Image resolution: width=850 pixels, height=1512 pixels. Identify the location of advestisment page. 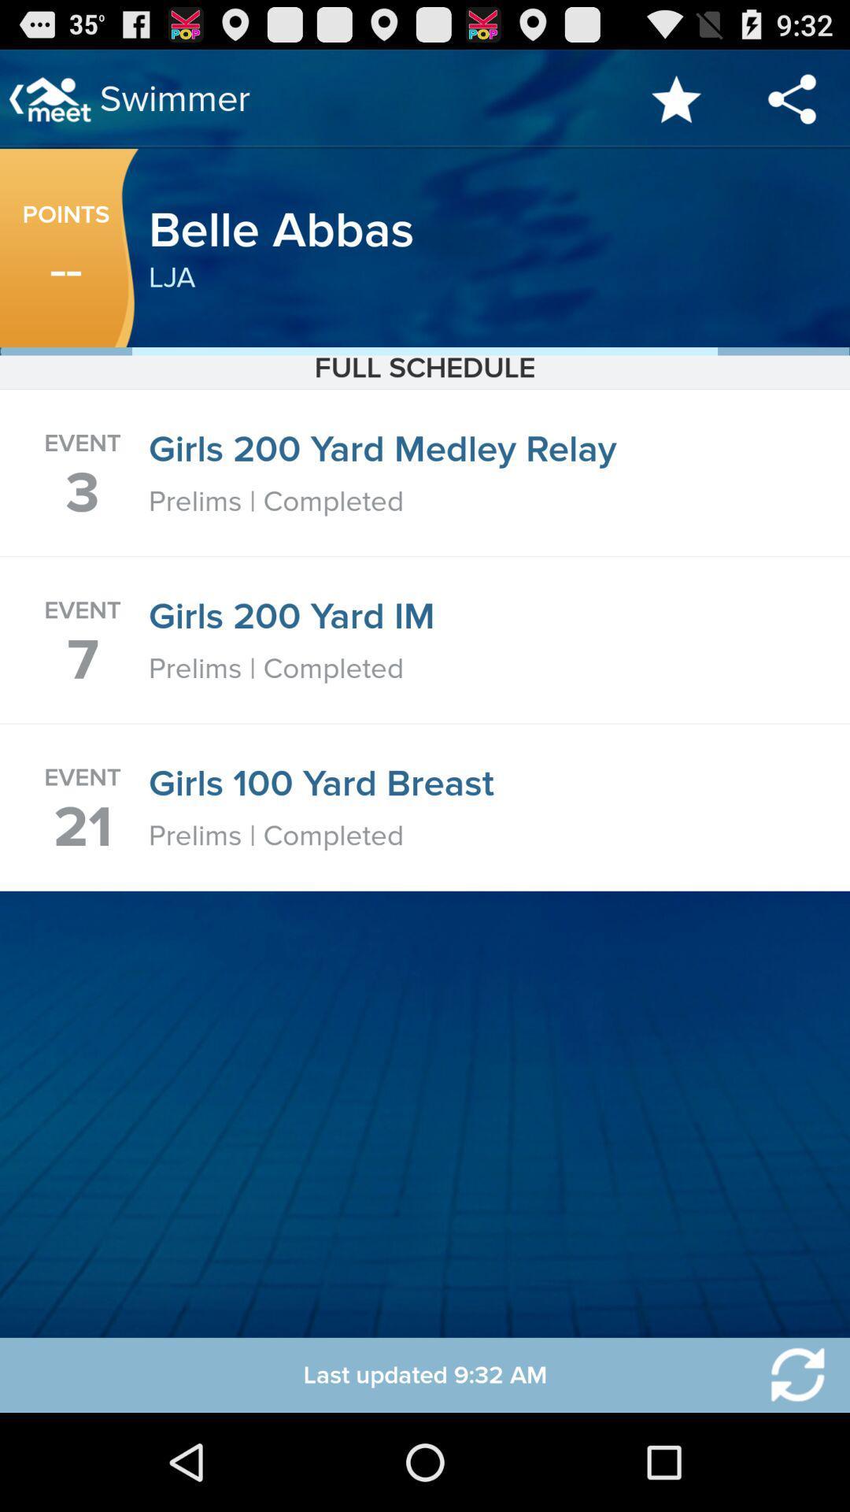
(788, 1374).